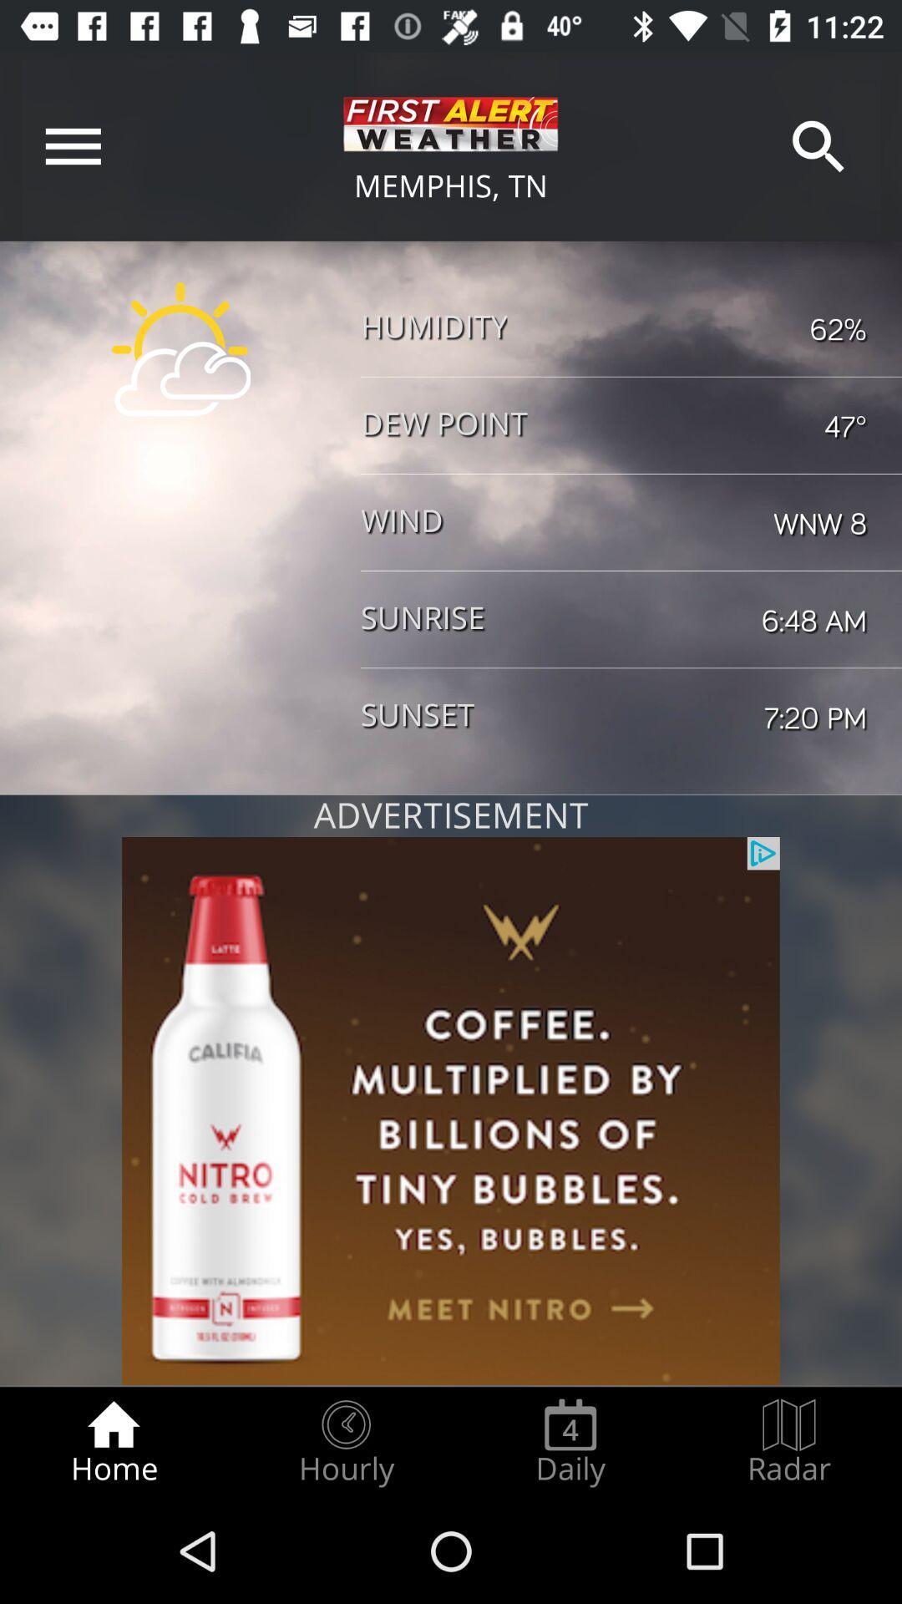 This screenshot has height=1604, width=902. I want to click on advertisement, so click(451, 1111).